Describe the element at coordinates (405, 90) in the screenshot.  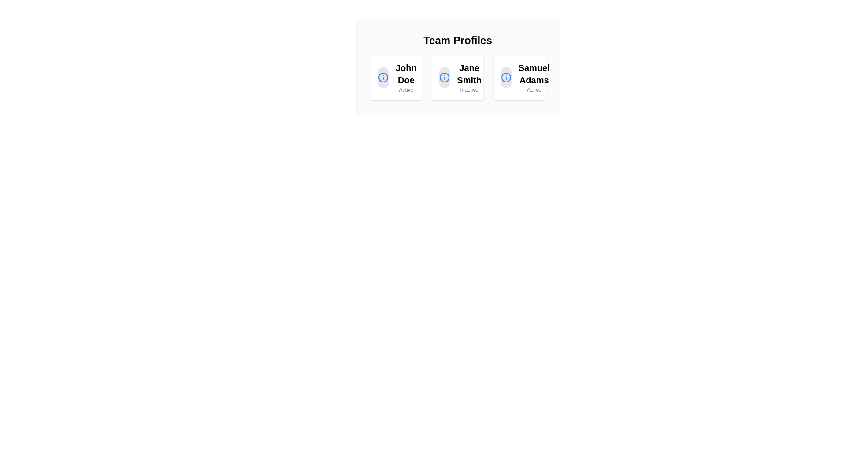
I see `text label element displaying 'Active' which is located below the name 'John Doe' in the 'Team Profiles' section` at that location.